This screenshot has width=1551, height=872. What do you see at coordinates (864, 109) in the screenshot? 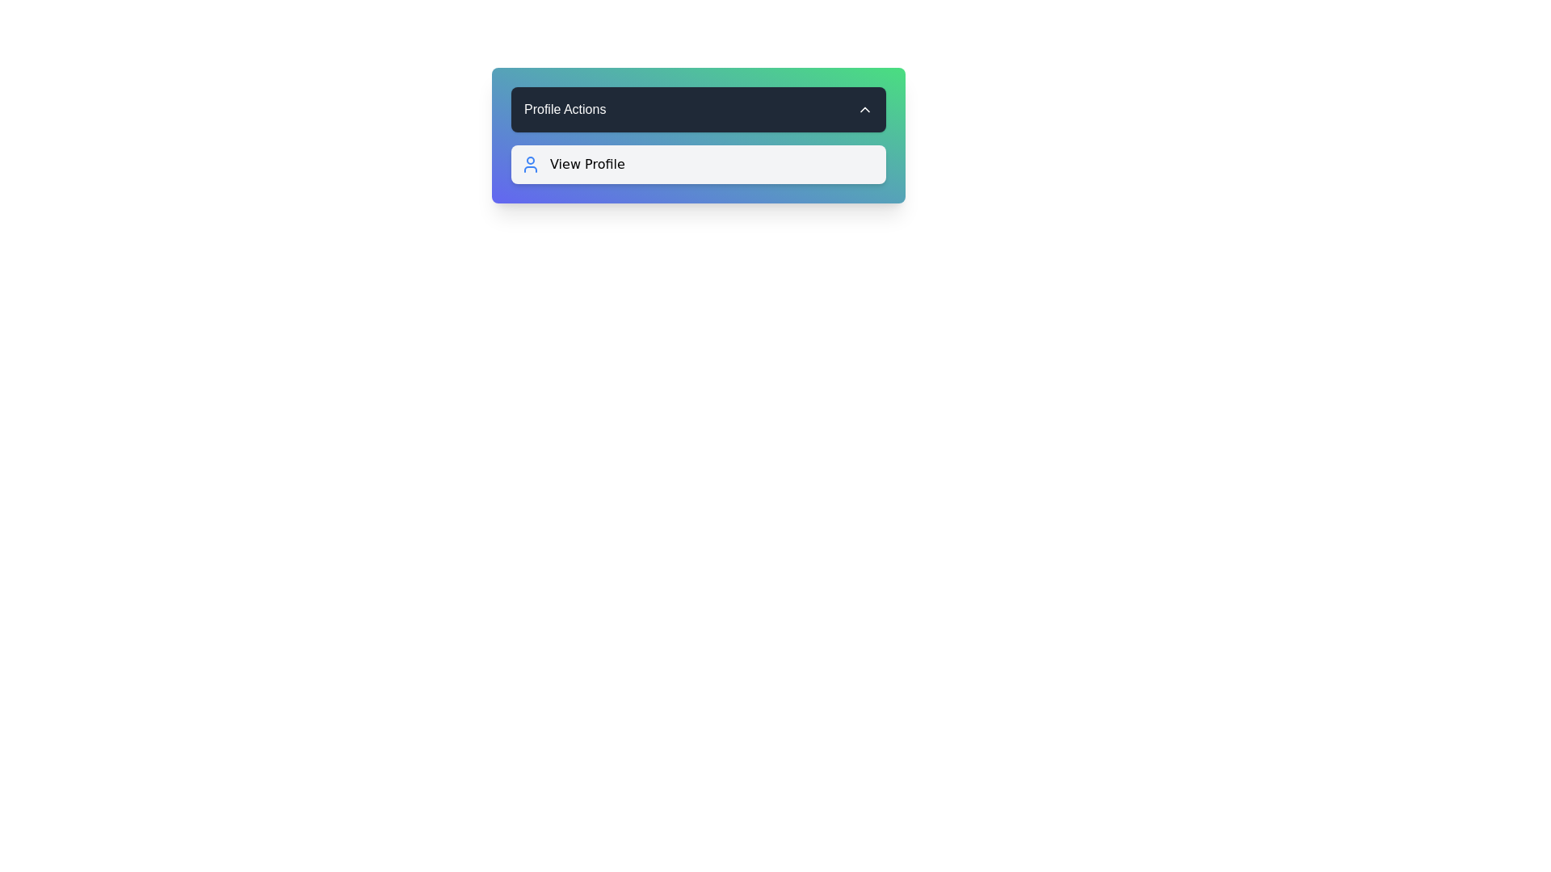
I see `the small upward-pointing arrow icon located on the far right within the 'Profile Actions' header` at bounding box center [864, 109].